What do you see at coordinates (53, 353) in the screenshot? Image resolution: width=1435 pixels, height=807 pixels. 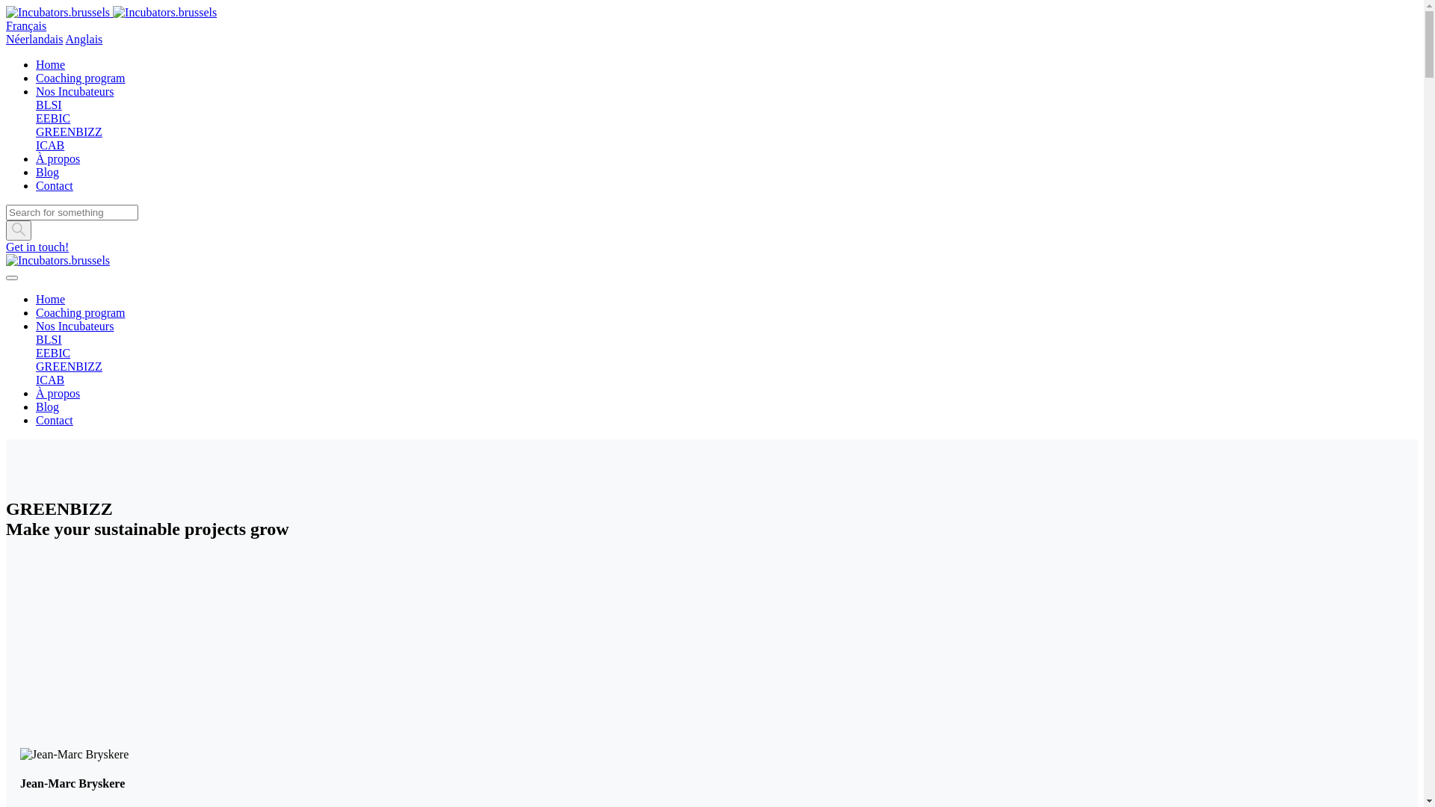 I see `'EEBIC'` at bounding box center [53, 353].